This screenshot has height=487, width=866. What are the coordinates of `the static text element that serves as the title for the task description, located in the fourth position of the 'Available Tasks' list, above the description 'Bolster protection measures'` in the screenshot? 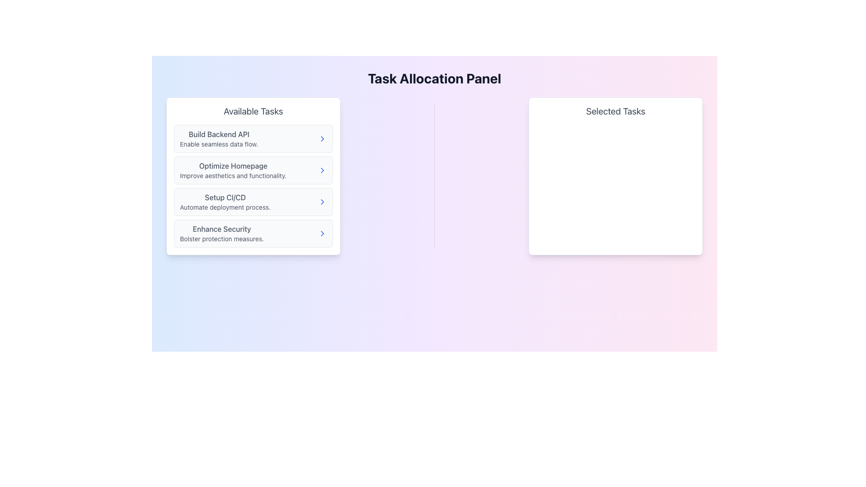 It's located at (222, 229).